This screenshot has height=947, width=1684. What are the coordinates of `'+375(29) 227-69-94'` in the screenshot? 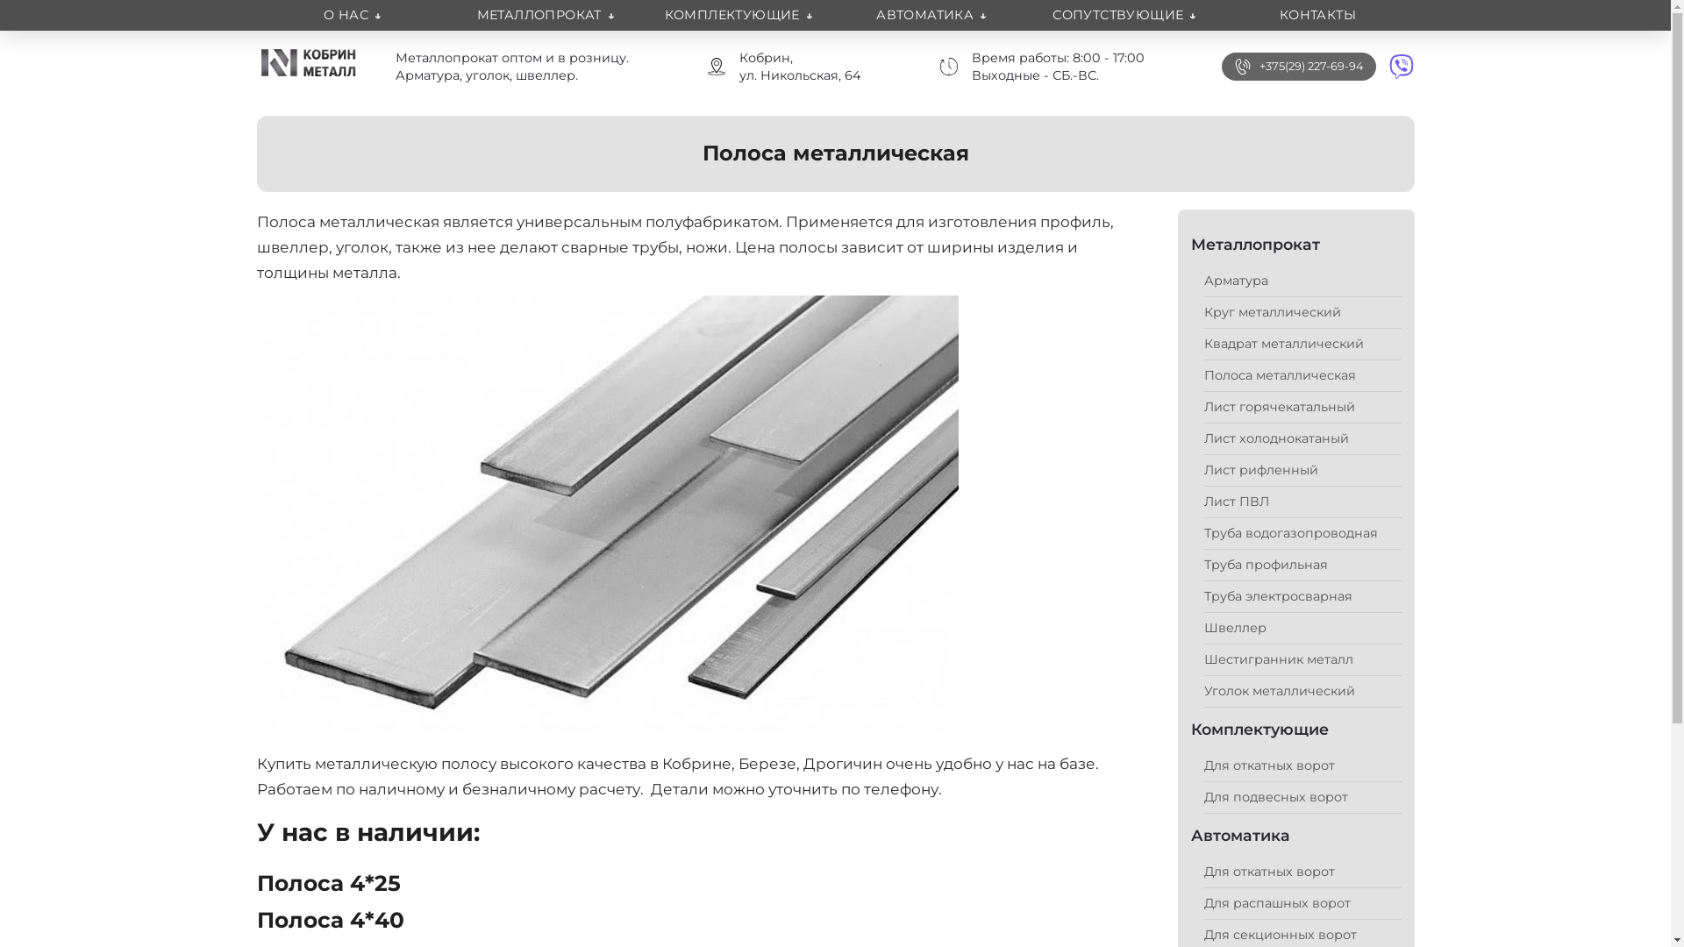 It's located at (1310, 66).